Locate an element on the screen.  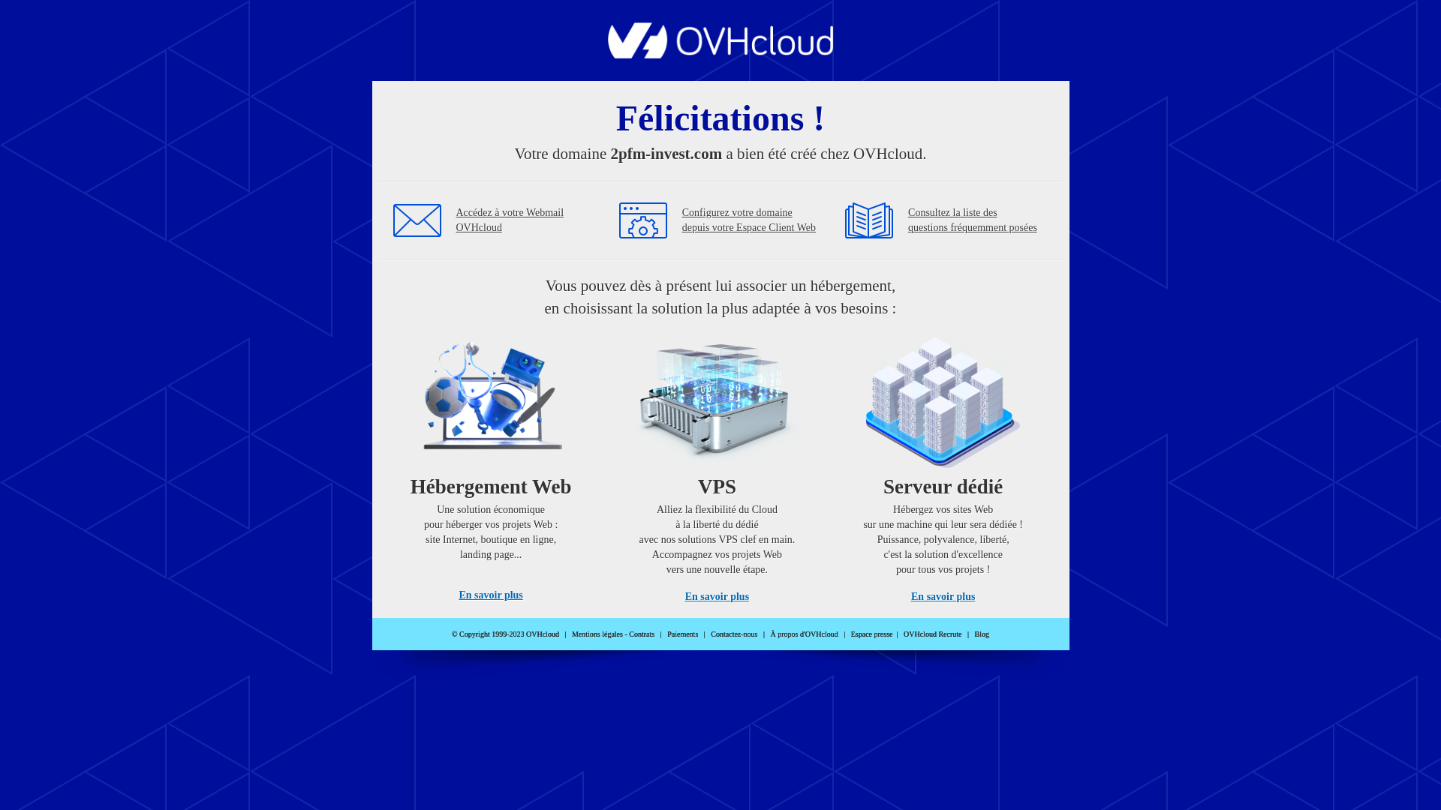
'VPS' is located at coordinates (716, 463).